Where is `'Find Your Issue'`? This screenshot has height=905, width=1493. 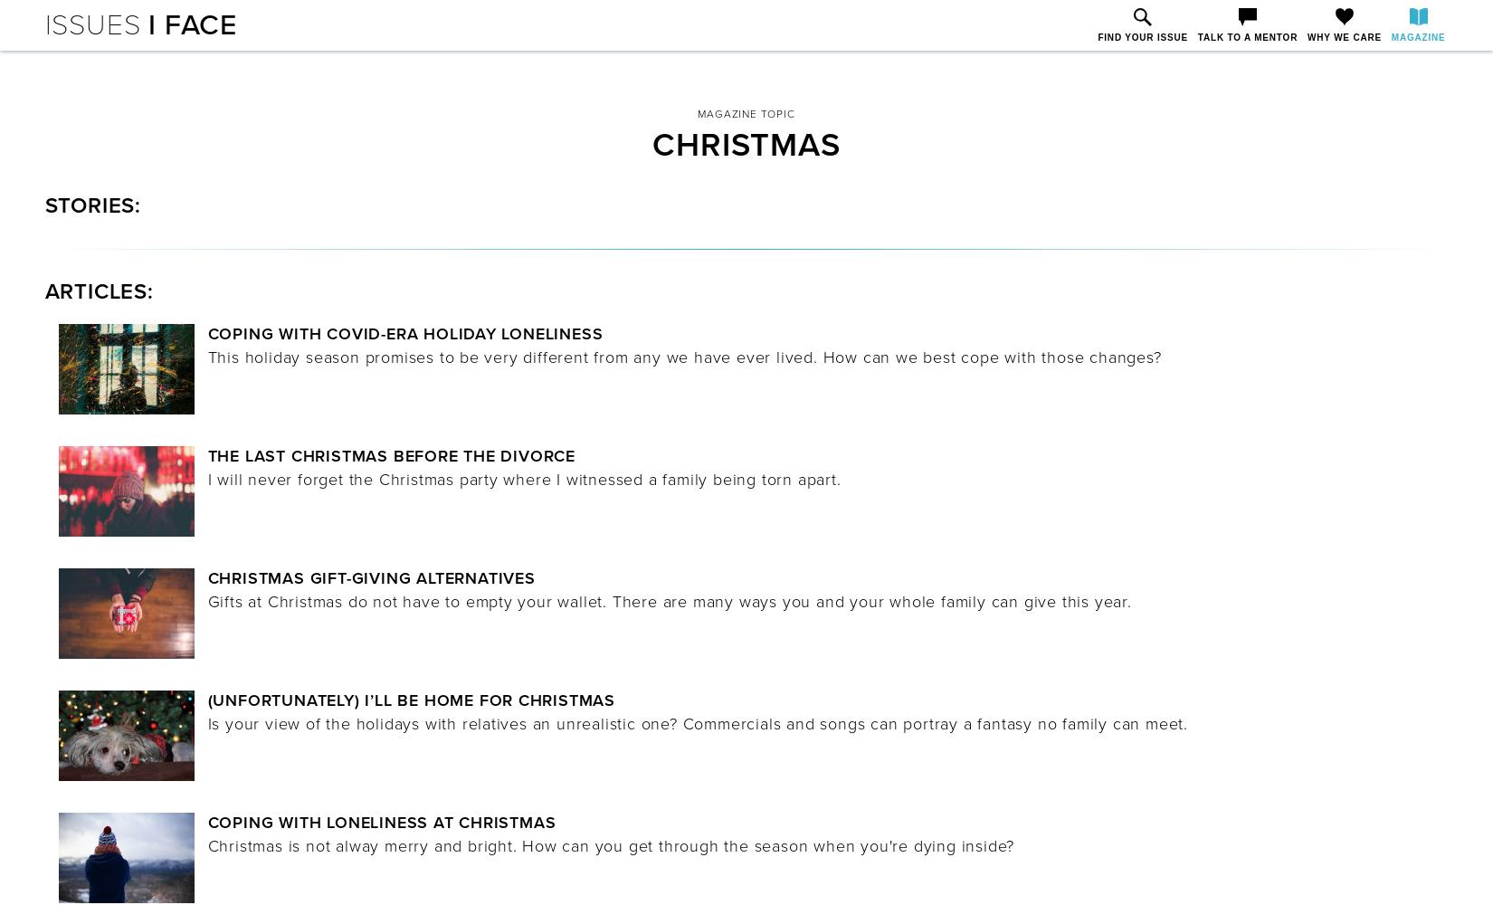
'Find Your Issue' is located at coordinates (1141, 37).